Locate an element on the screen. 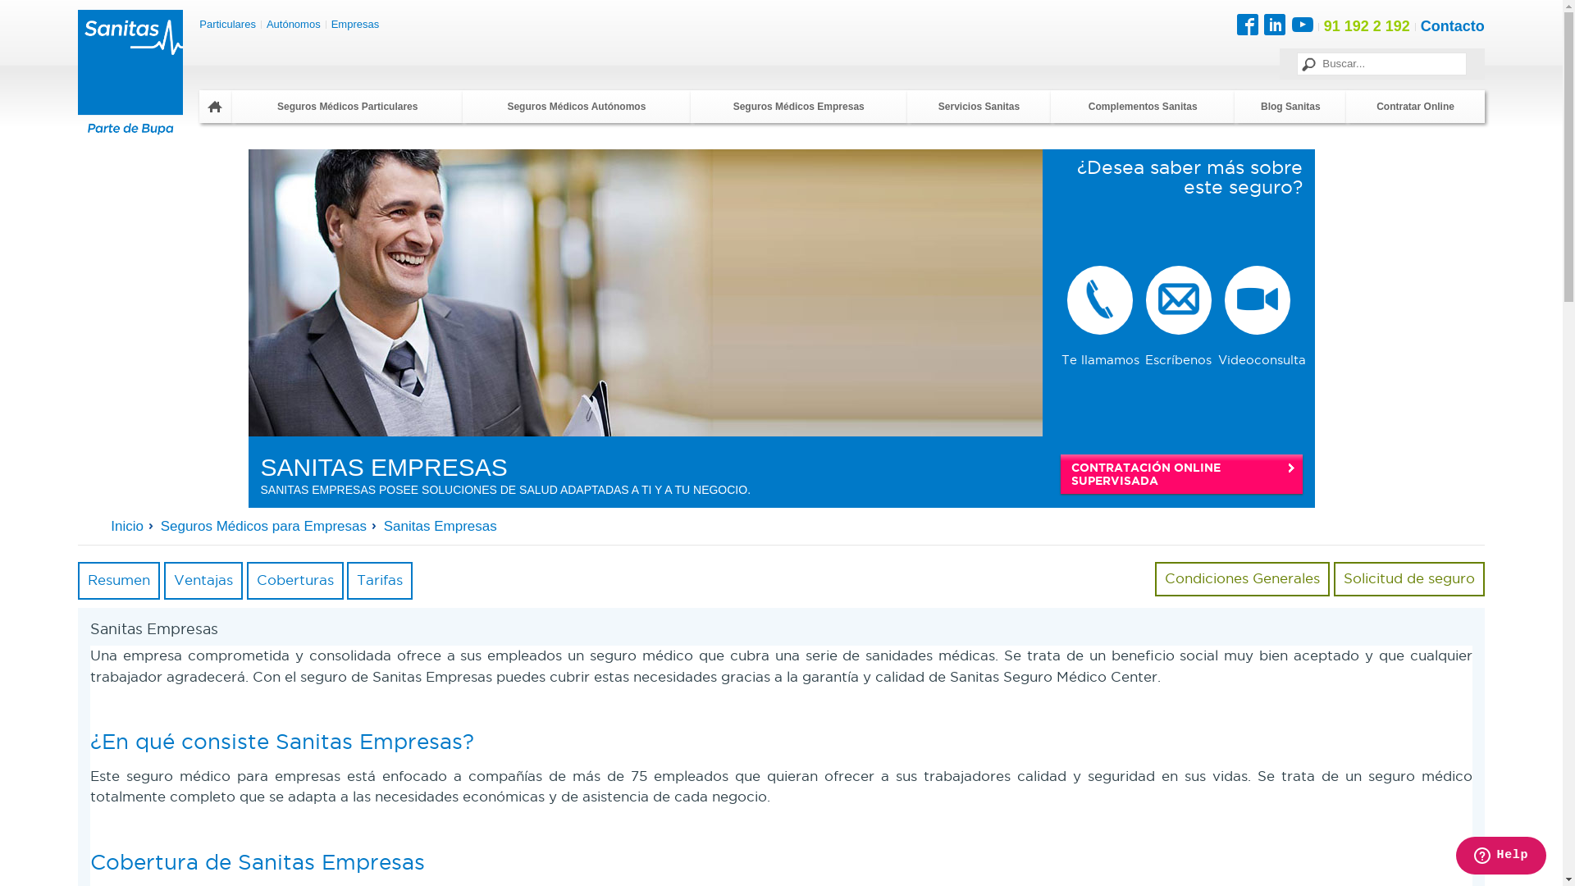  'Resumen' is located at coordinates (117, 580).